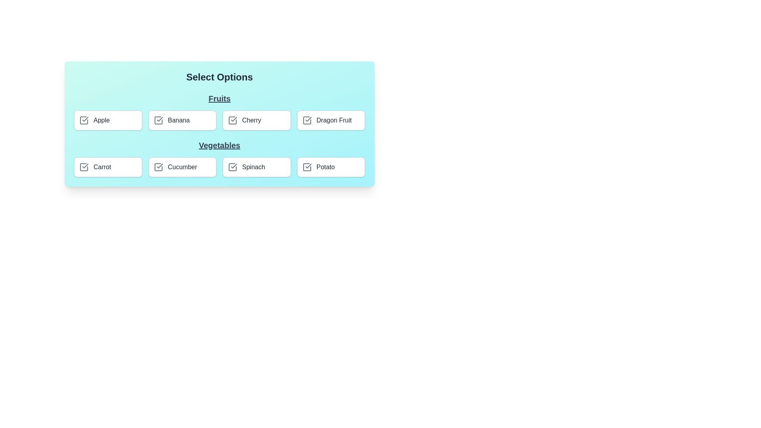  I want to click on the 'Vegetables' section, so click(219, 159).